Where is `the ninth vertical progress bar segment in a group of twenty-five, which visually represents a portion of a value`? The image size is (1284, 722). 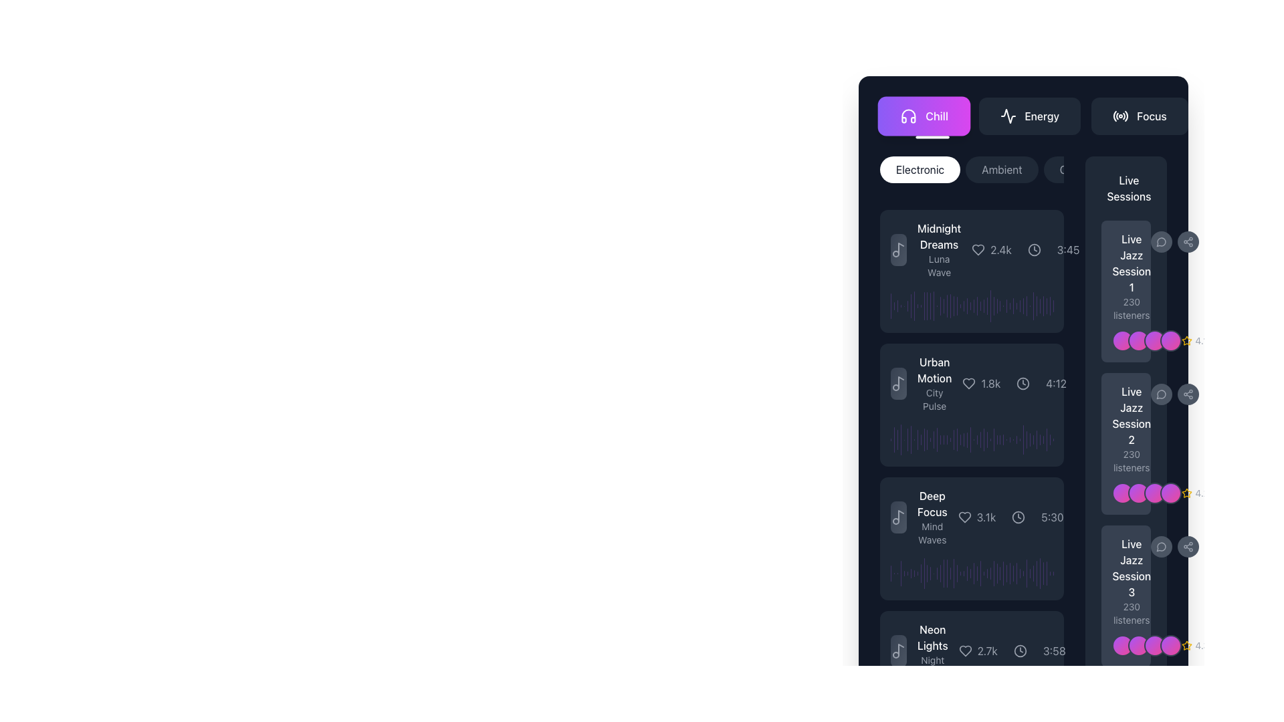 the ninth vertical progress bar segment in a group of twenty-five, which visually represents a portion of a value is located at coordinates (917, 439).